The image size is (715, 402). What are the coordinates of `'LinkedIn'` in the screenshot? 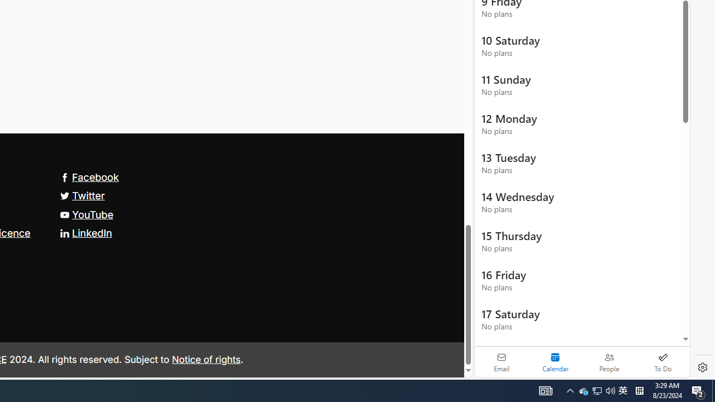 It's located at (85, 232).